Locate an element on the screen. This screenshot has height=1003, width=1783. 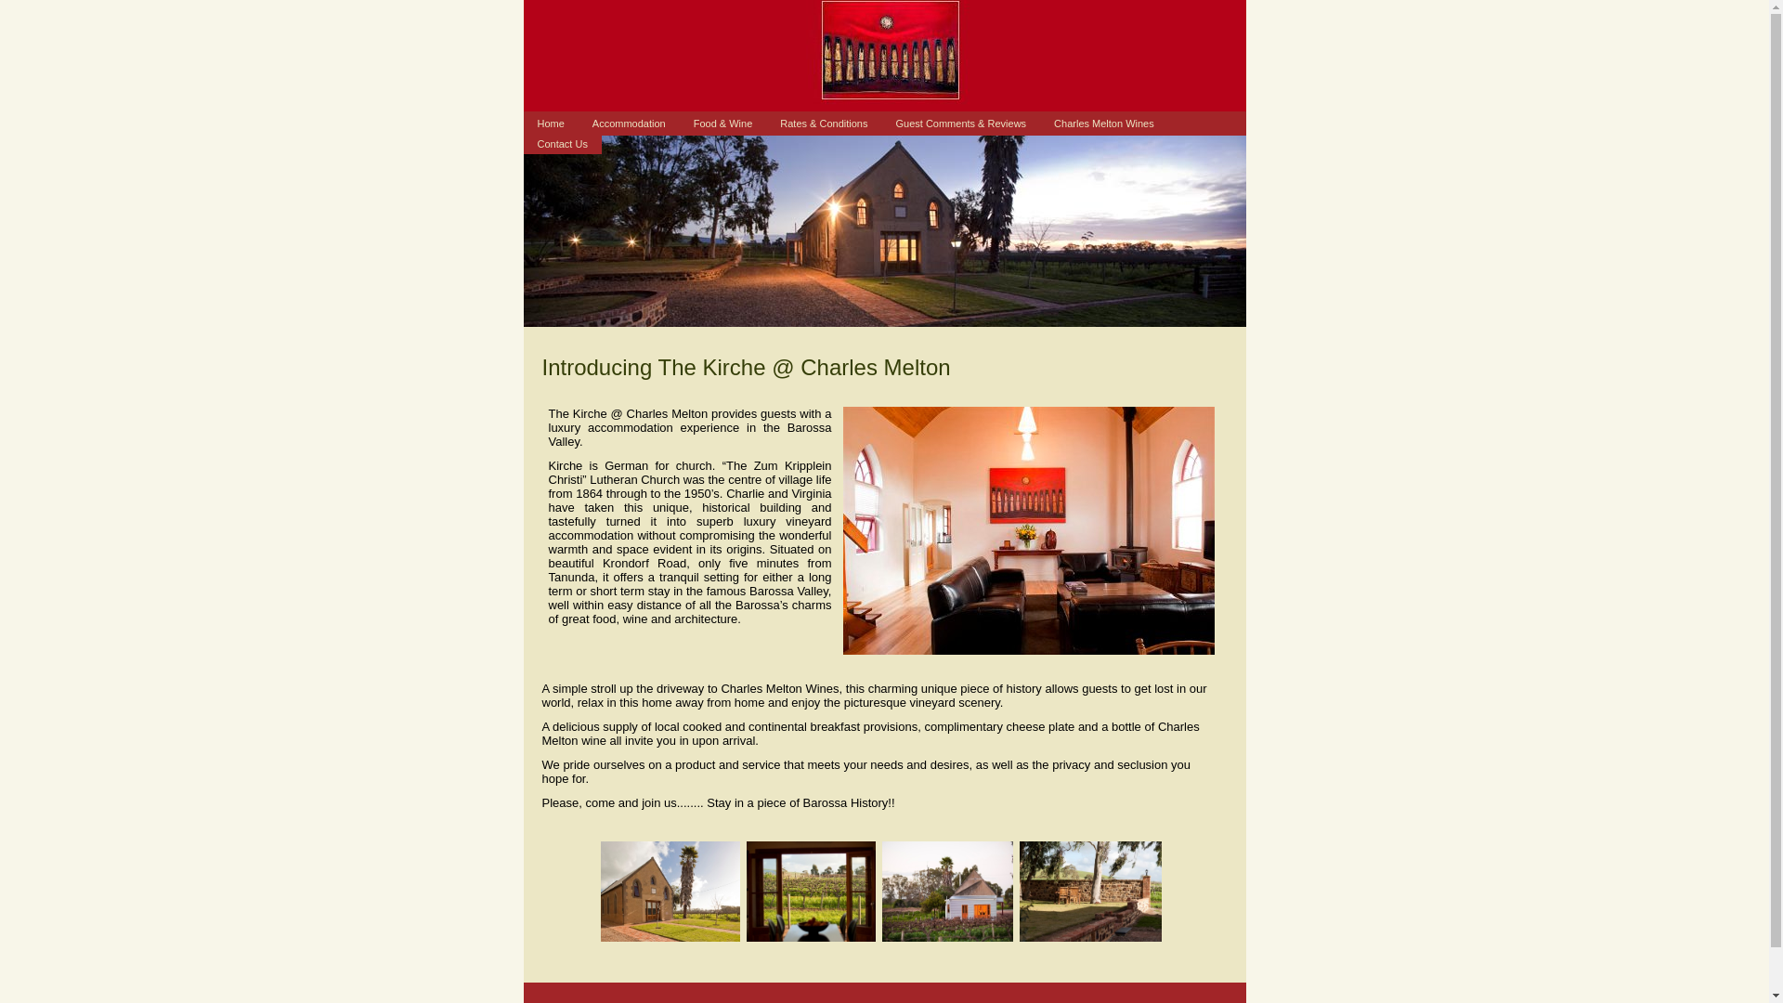
'Accommodation' is located at coordinates (629, 123).